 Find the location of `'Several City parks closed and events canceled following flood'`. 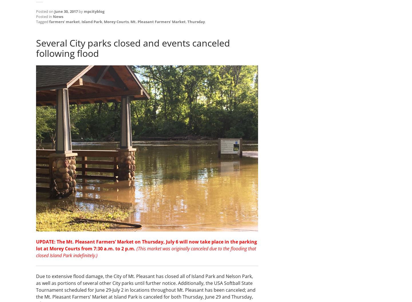

'Several City parks closed and events canceled following flood' is located at coordinates (133, 48).